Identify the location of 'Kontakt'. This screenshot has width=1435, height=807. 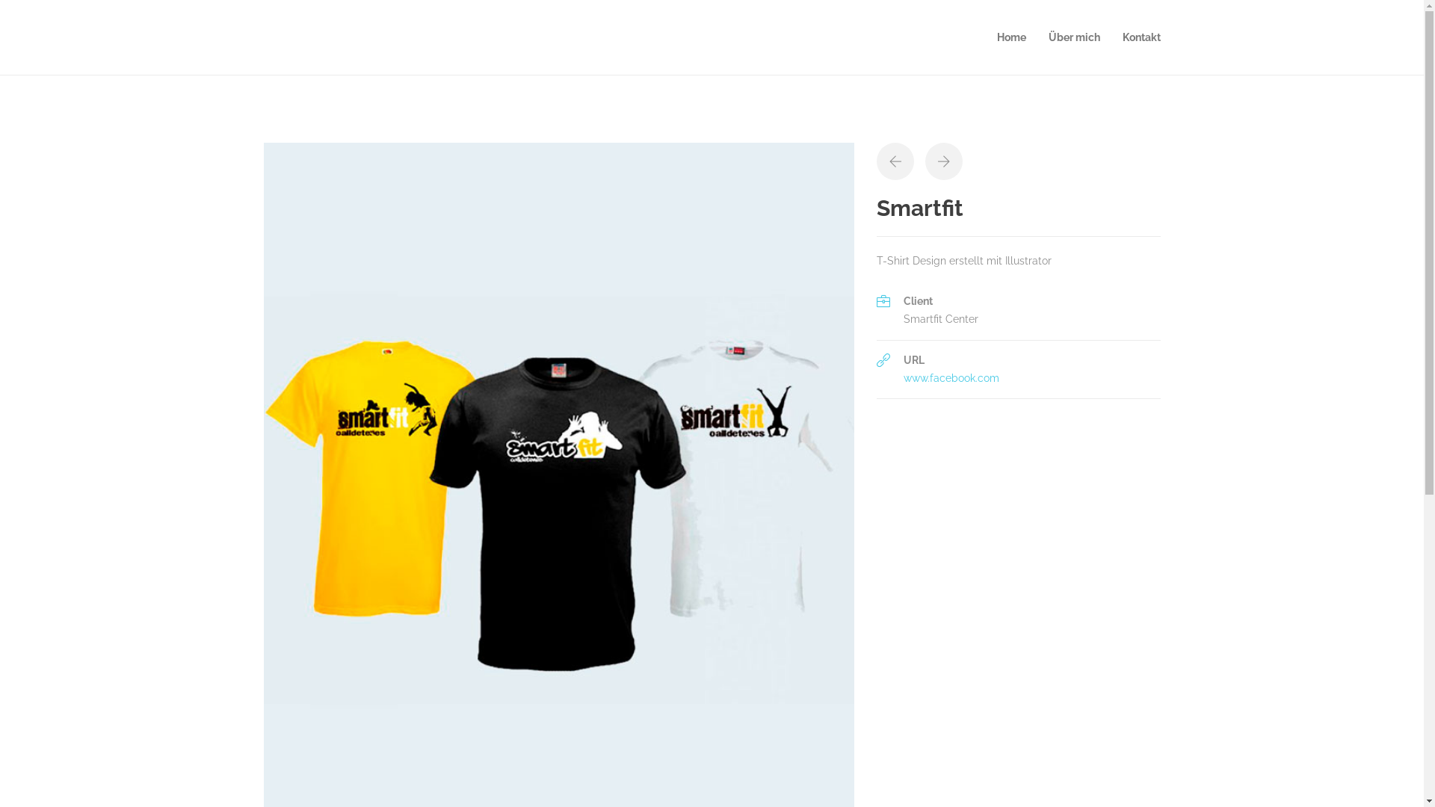
(1141, 37).